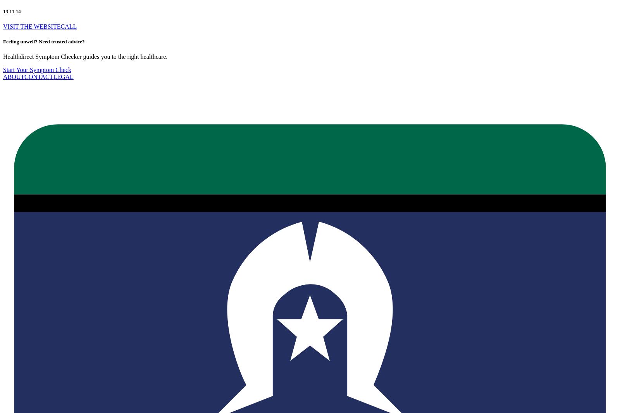 The height and width of the screenshot is (413, 620). What do you see at coordinates (3, 56) in the screenshot?
I see `'Healthdirect Symptom Checker guides you to the right healthcare.'` at bounding box center [3, 56].